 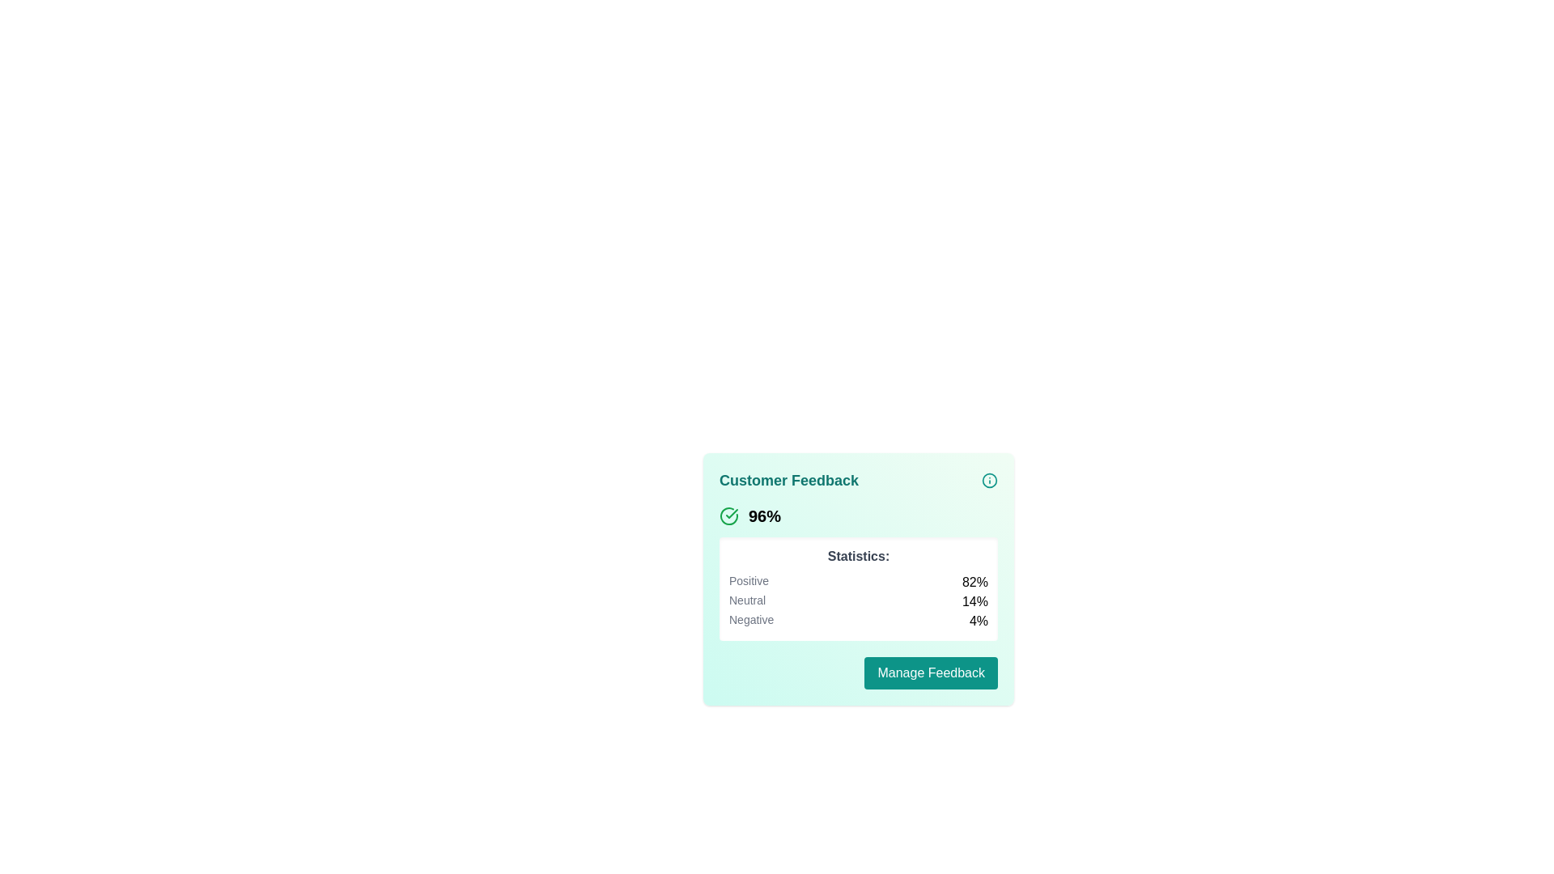 I want to click on the informational text label displaying the percentage value for 'Negative', located in the bottom-right section of the statistic box, so click(x=978, y=620).